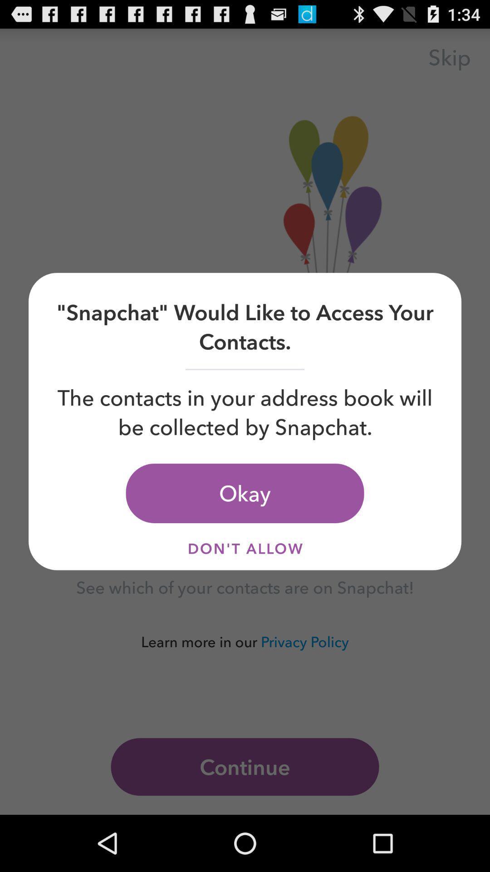 This screenshot has width=490, height=872. What do you see at coordinates (245, 493) in the screenshot?
I see `the icon below the the contacts in` at bounding box center [245, 493].